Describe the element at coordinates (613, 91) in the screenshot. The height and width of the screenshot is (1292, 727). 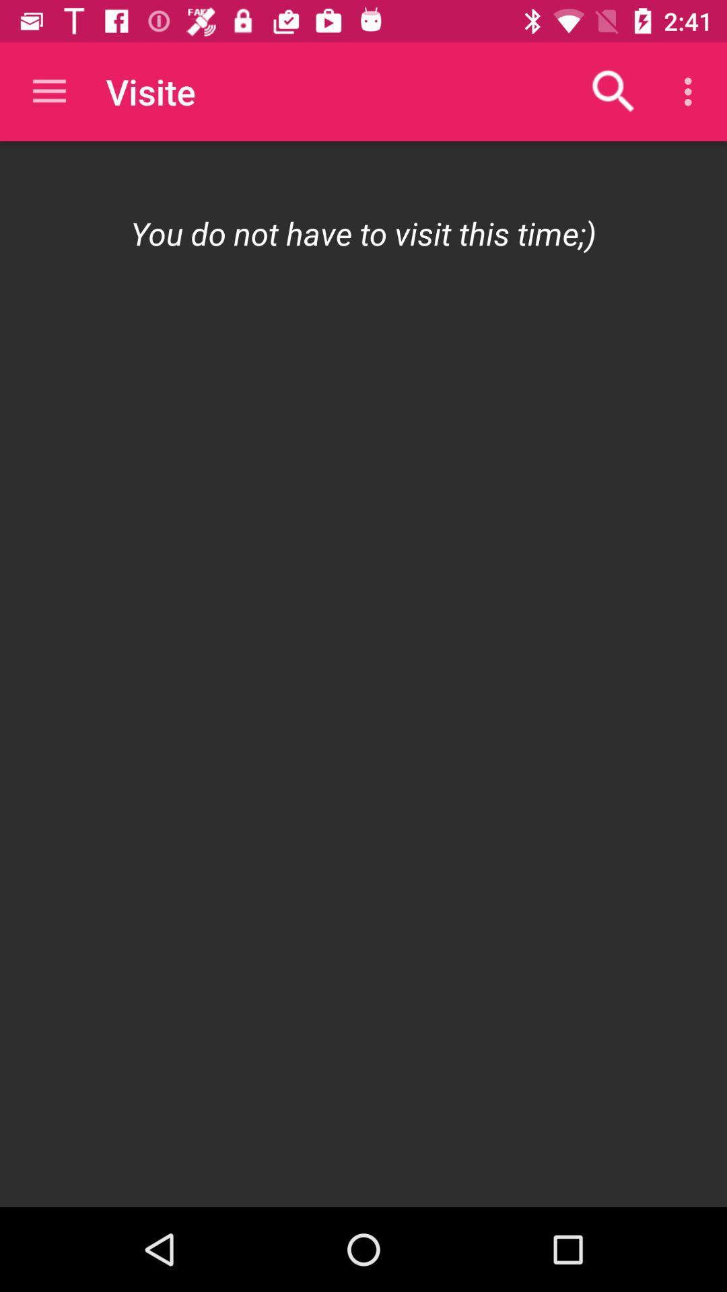
I see `app next to the visite app` at that location.